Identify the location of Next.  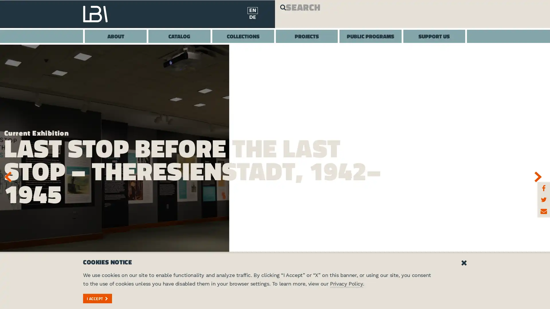
(540, 176).